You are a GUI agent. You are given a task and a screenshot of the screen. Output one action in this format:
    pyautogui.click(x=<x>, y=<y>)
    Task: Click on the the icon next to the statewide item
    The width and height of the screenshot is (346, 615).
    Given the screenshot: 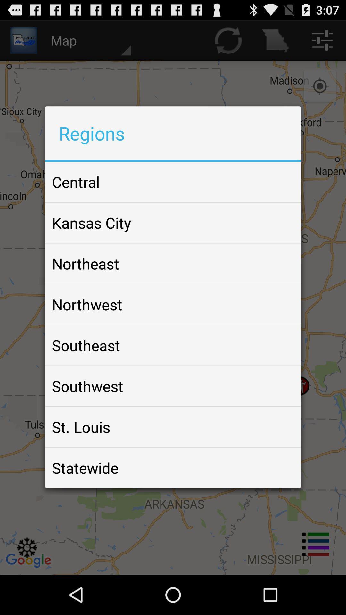 What is the action you would take?
    pyautogui.click(x=280, y=468)
    